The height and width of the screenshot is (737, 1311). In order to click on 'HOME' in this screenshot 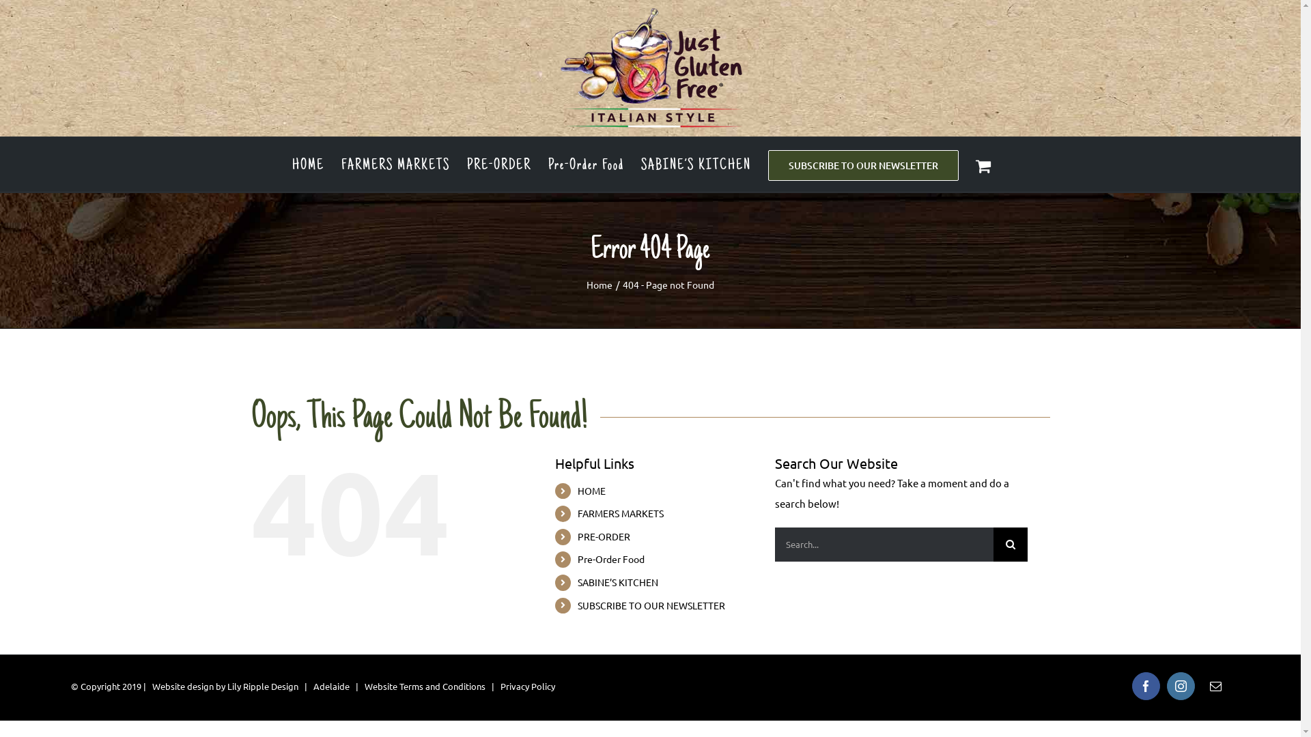, I will do `click(307, 163)`.